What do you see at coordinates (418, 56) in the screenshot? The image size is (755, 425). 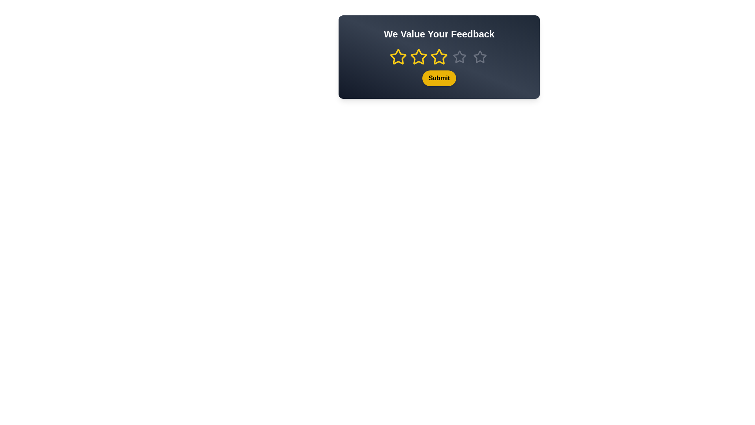 I see `the second yellow-outlined star icon in the horizontal row of five stars under the text 'We Value Your Feedback'` at bounding box center [418, 56].